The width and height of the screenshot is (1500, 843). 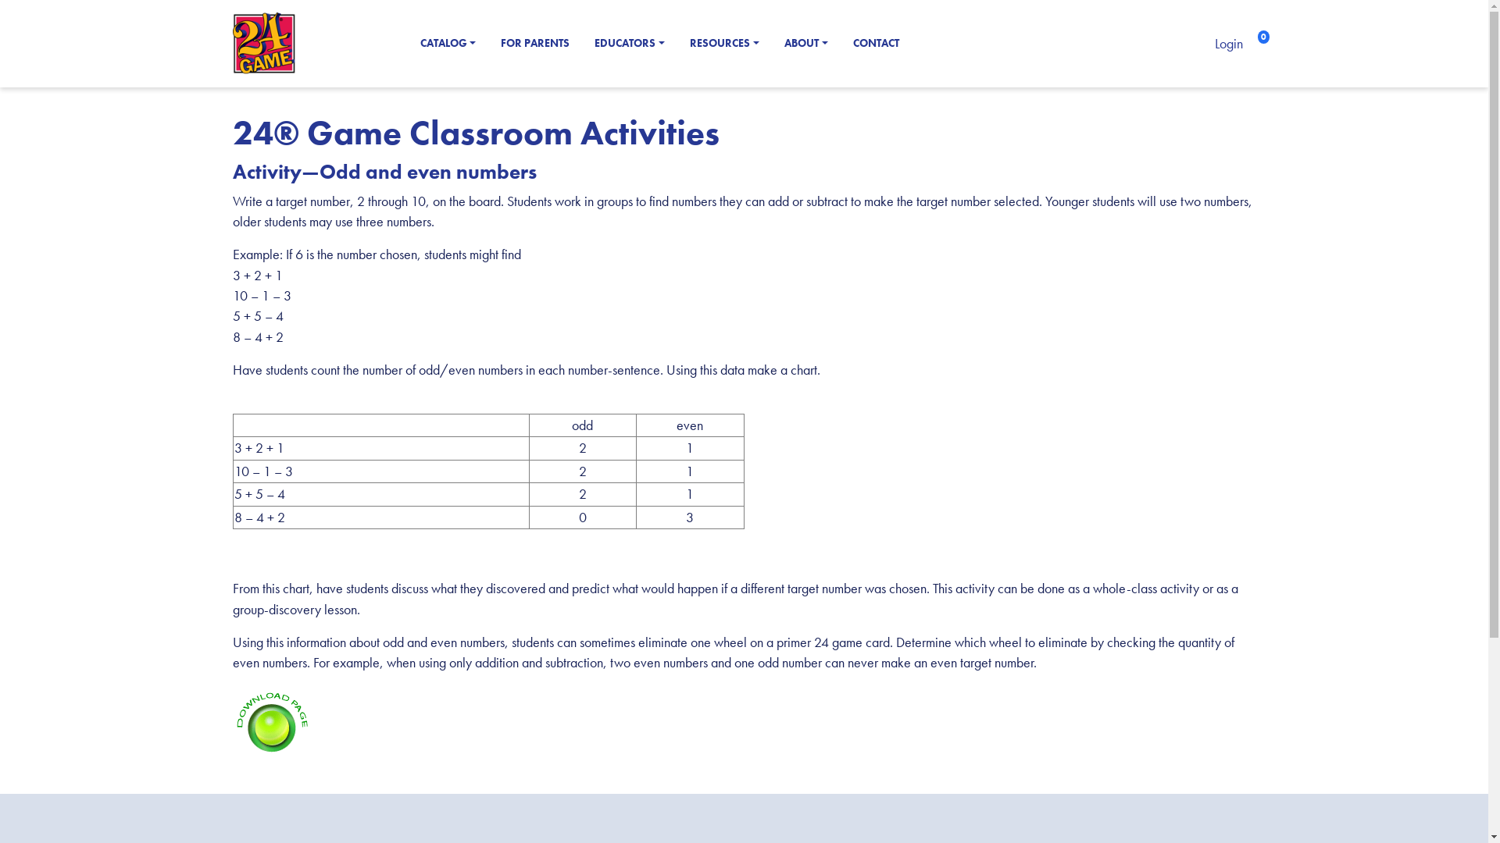 What do you see at coordinates (408, 43) in the screenshot?
I see `'CATALOG'` at bounding box center [408, 43].